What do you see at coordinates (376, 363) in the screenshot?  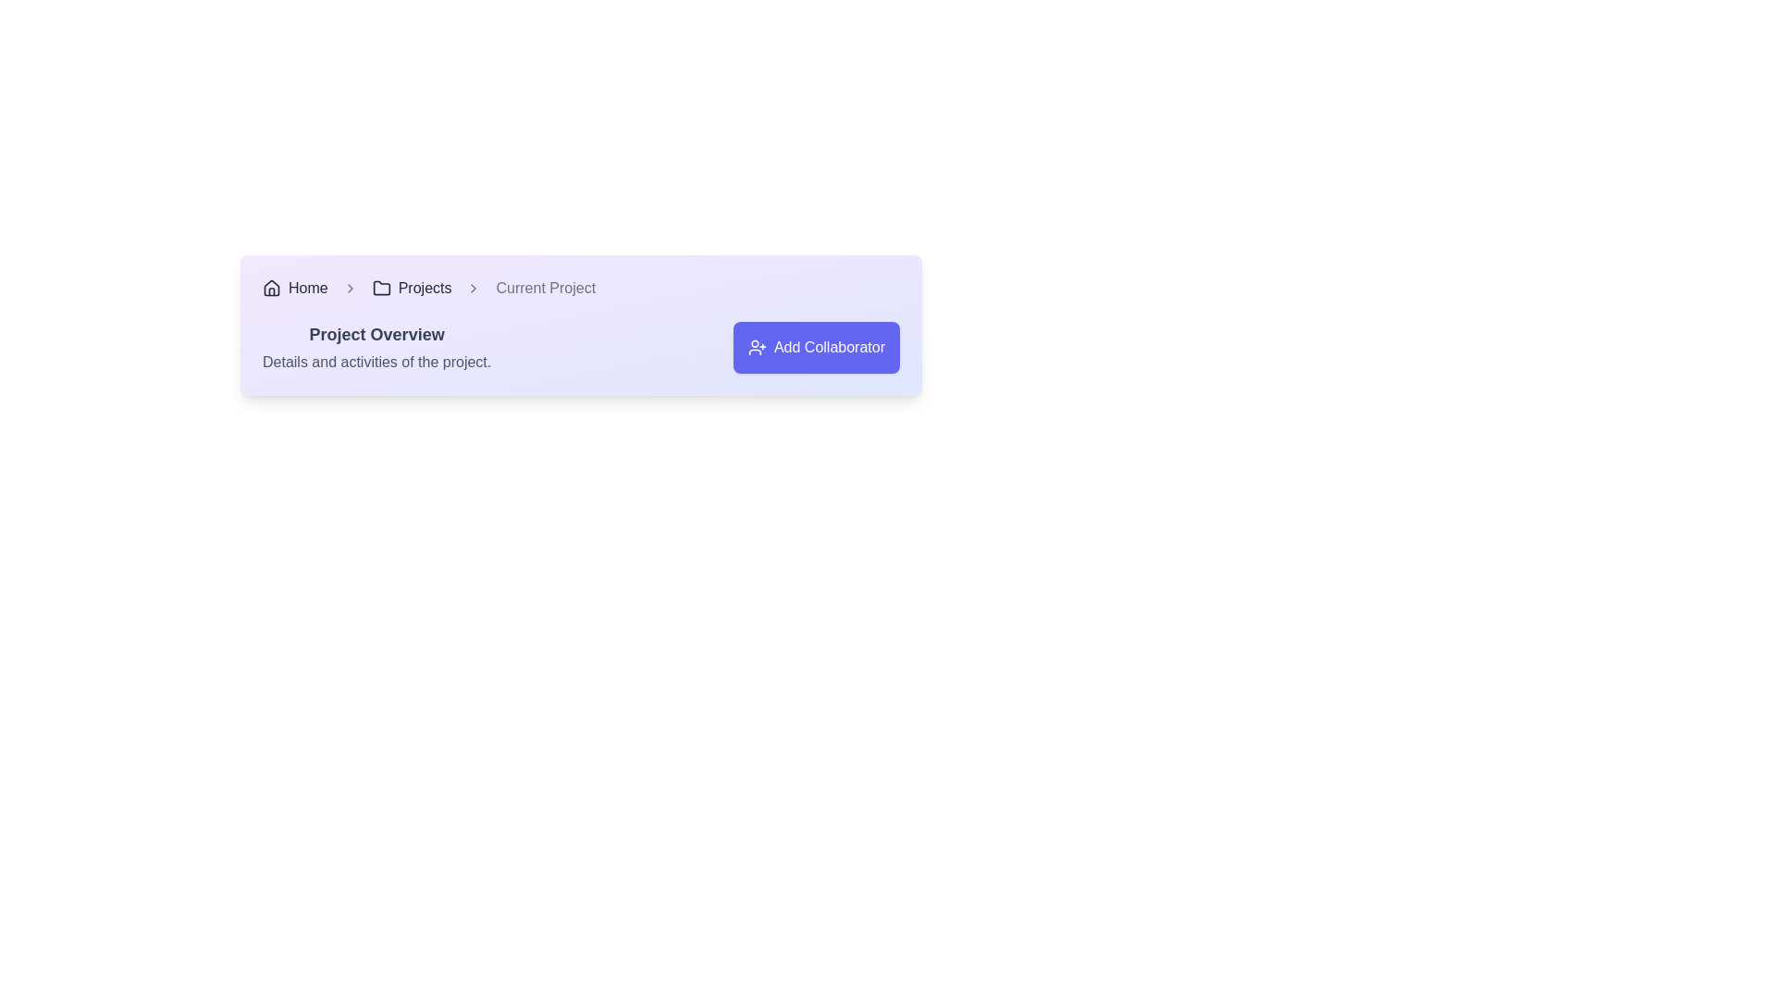 I see `the informational Text Label located beneath the 'Project Overview' heading, which provides context about the section` at bounding box center [376, 363].